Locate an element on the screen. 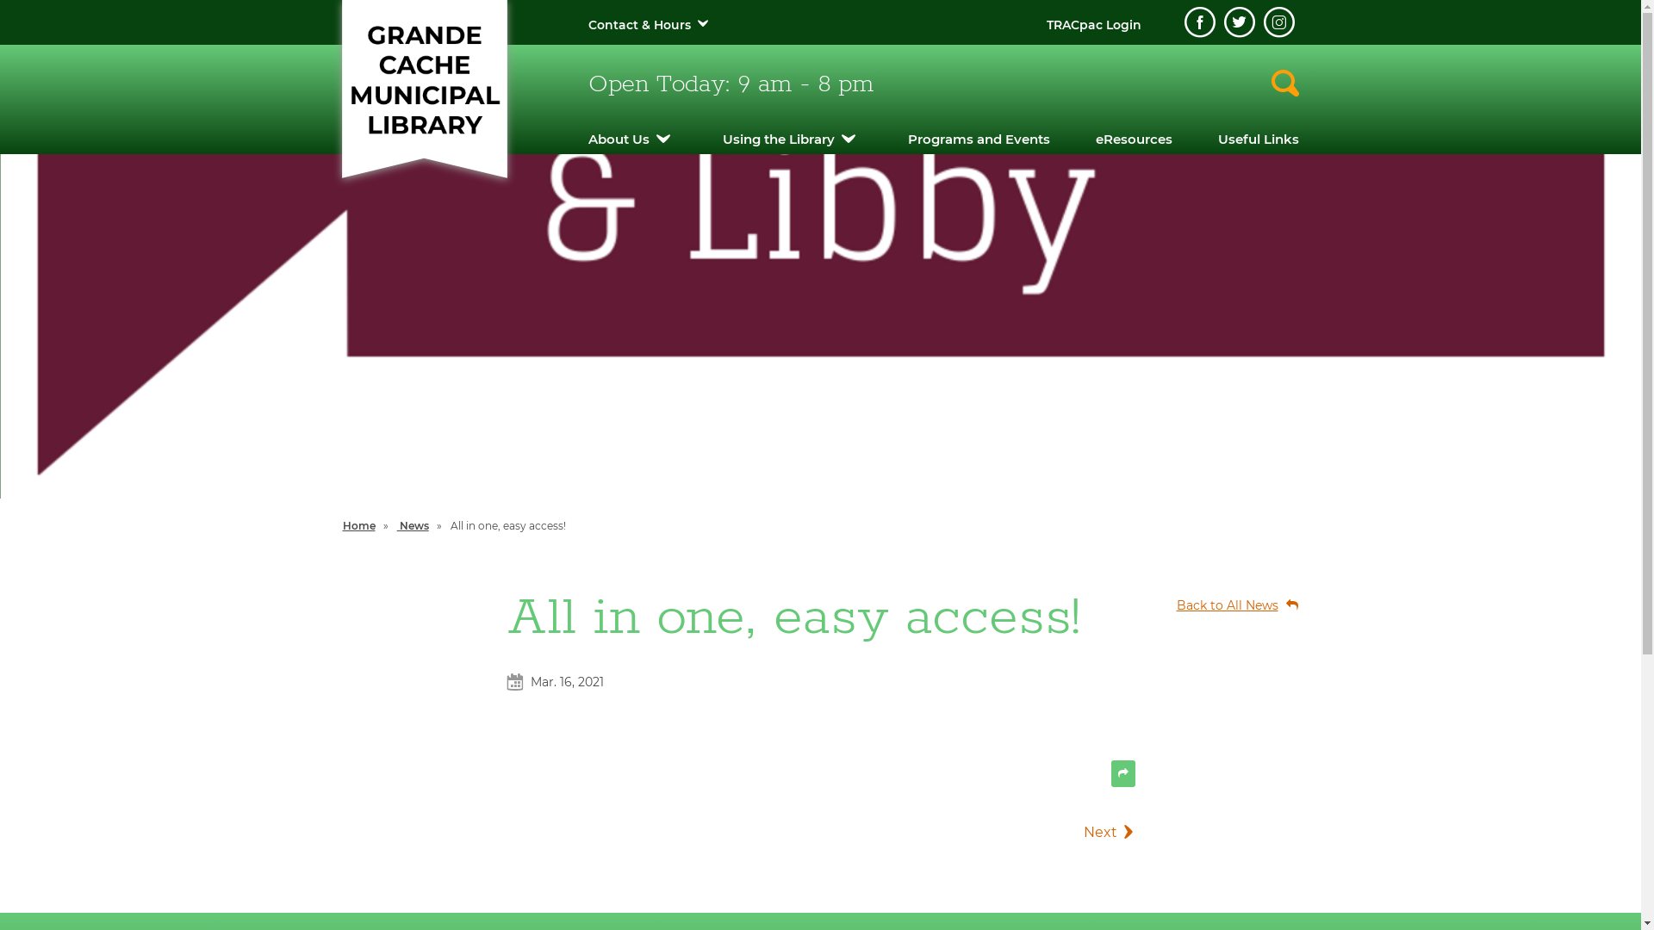 The image size is (1654, 930). 'Twitter' is located at coordinates (1238, 22).